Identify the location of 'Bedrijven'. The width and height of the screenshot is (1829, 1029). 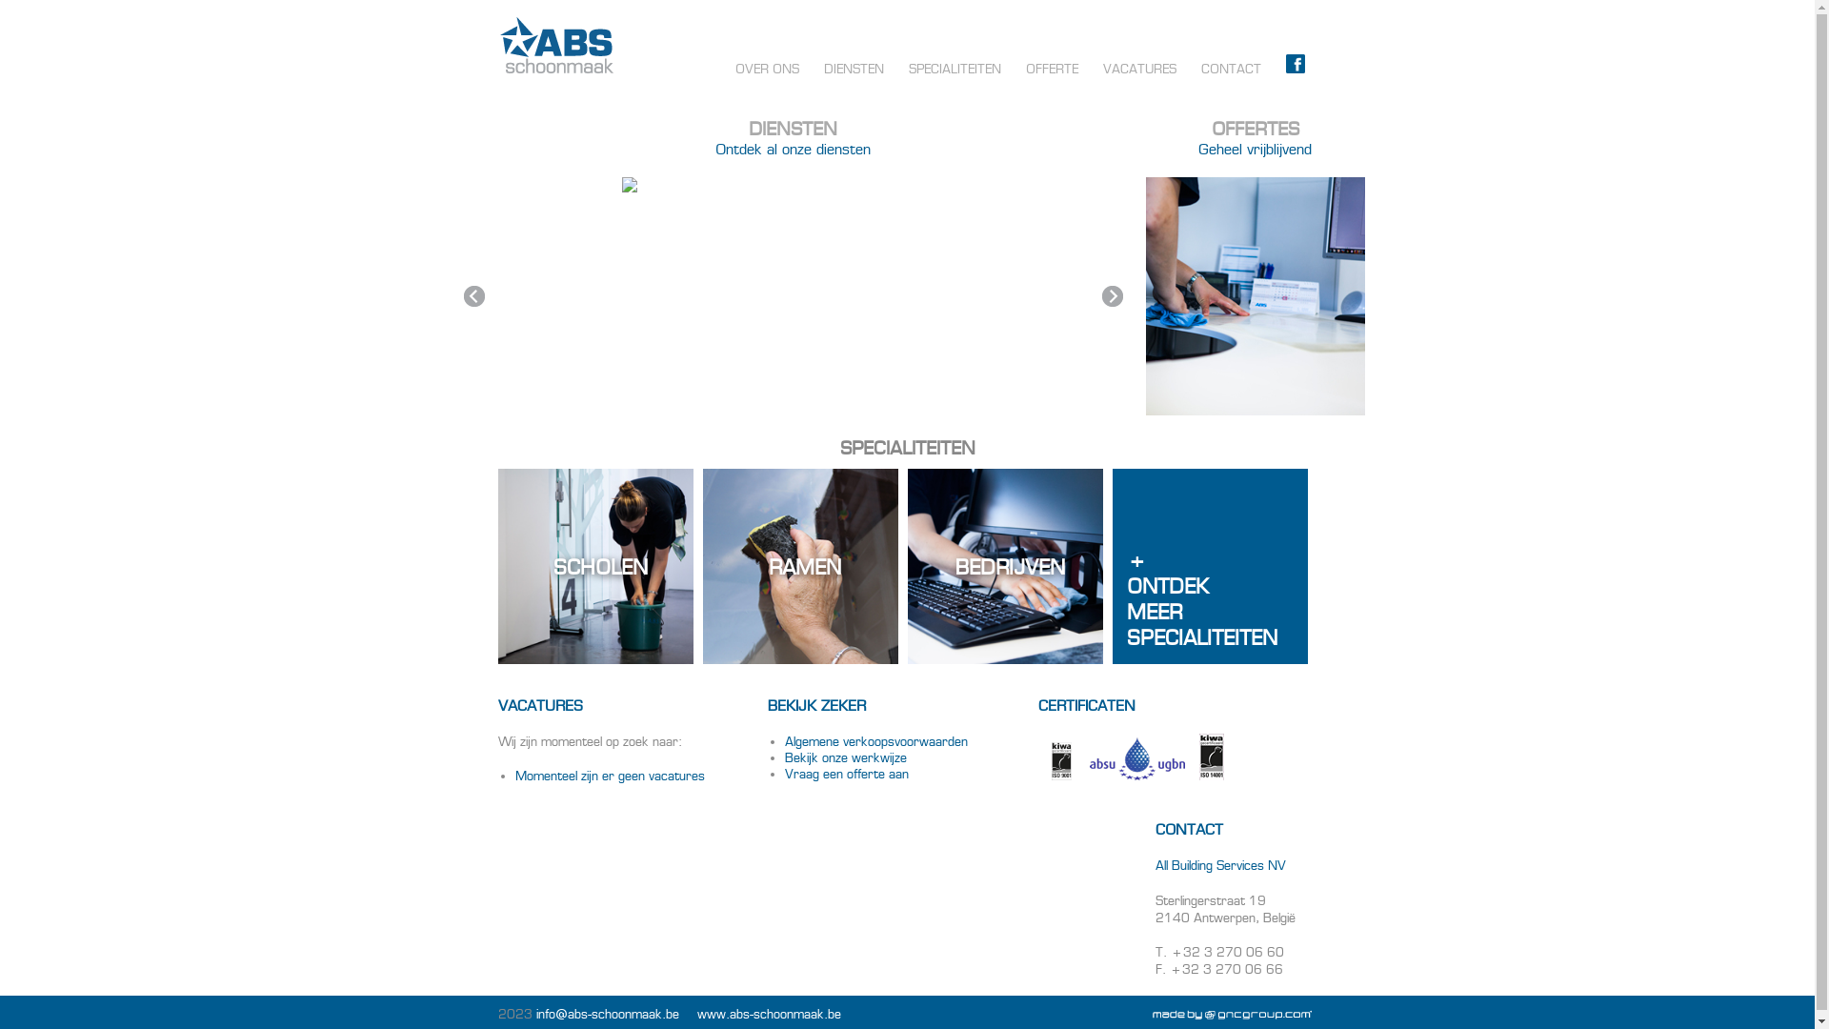
(1003, 565).